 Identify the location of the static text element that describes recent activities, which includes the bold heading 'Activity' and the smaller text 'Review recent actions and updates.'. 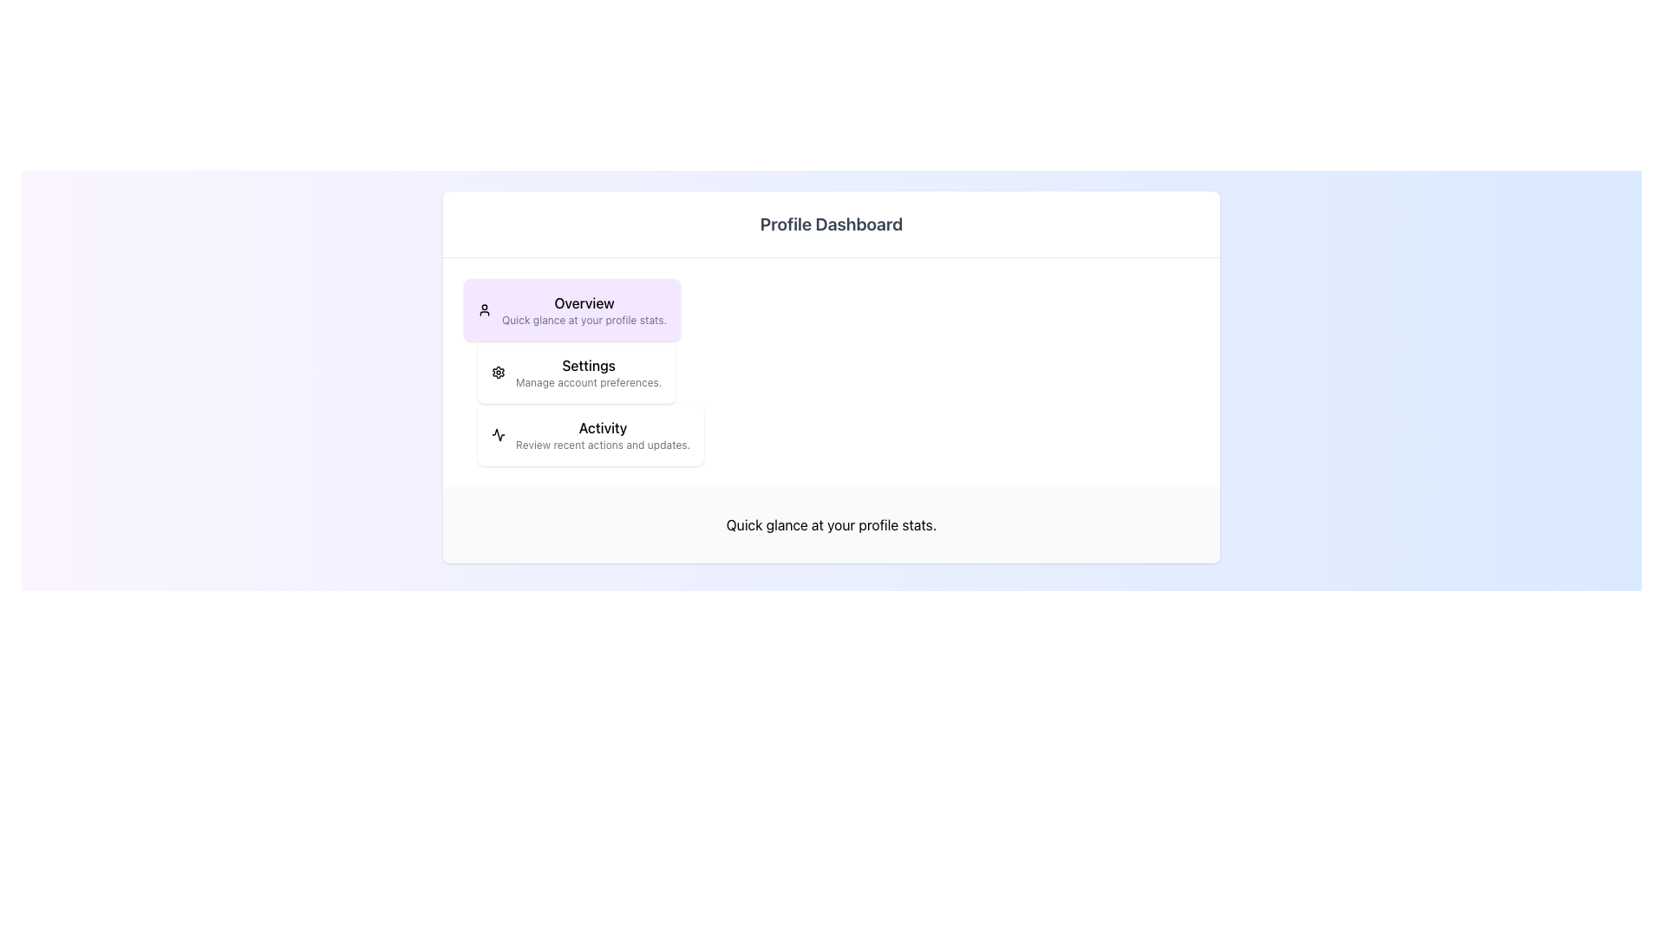
(603, 433).